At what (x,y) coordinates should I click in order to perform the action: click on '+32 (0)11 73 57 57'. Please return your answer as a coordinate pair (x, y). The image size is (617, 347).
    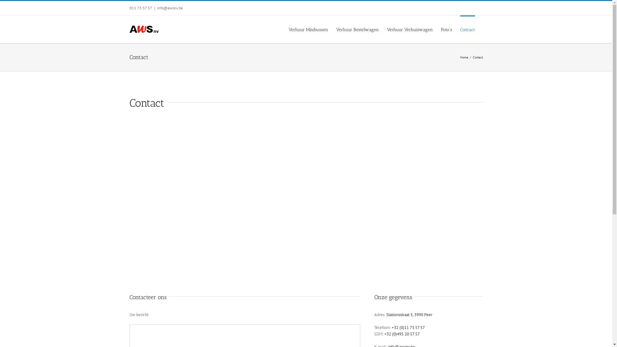
    Looking at the image, I should click on (408, 327).